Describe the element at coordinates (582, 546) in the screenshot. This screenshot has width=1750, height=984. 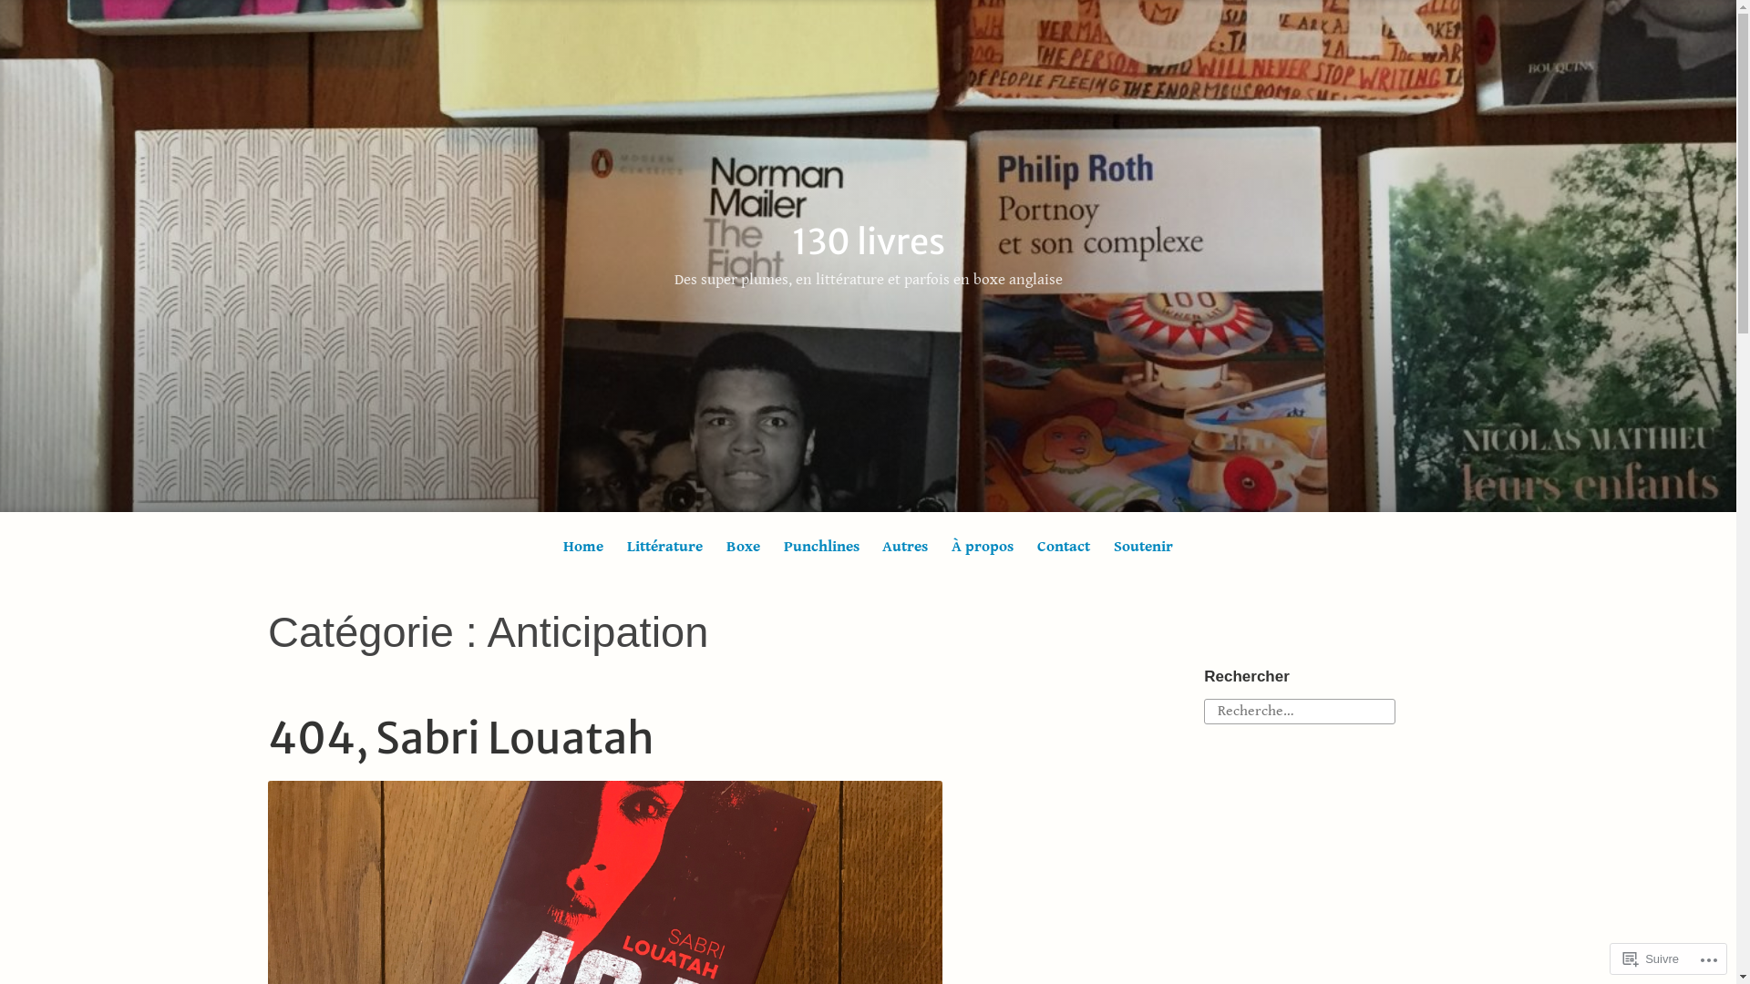
I see `'Home'` at that location.